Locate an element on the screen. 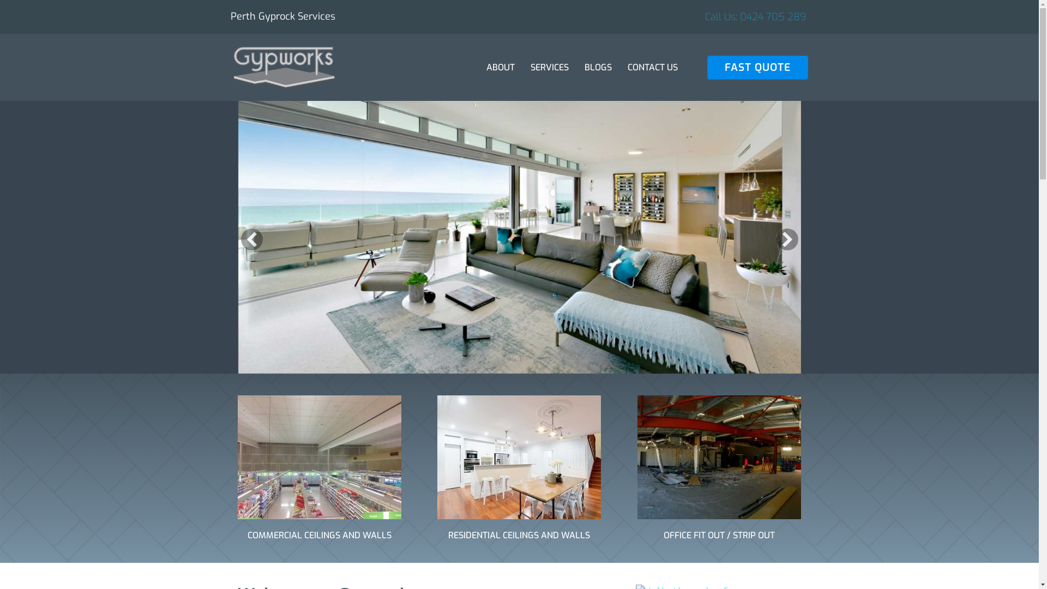 This screenshot has height=589, width=1047. 'ABOUT' is located at coordinates (500, 67).